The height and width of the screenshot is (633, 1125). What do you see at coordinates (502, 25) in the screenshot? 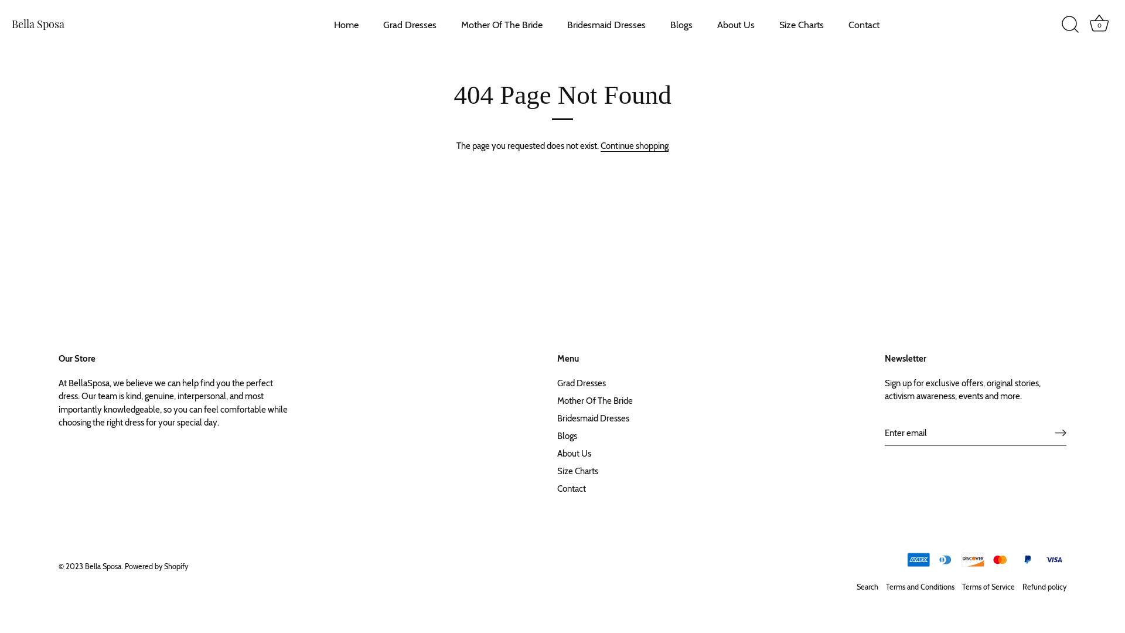
I see `'Mother Of The Bride'` at bounding box center [502, 25].